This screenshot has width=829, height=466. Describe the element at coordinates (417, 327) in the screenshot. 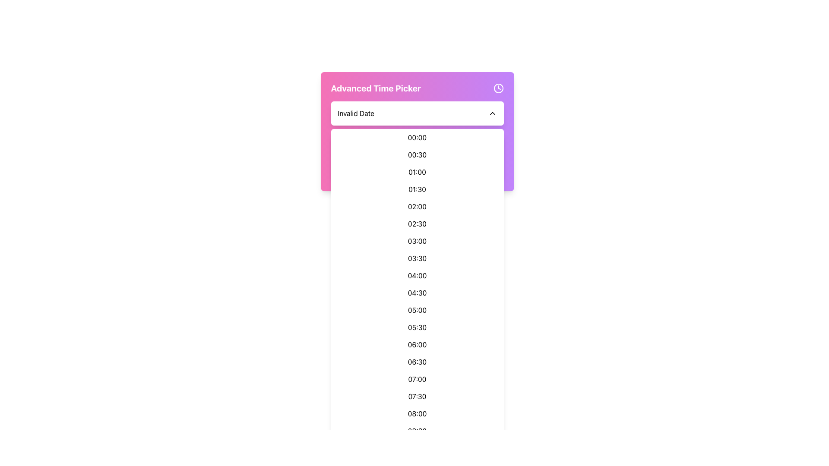

I see `the dropdown menu item displaying '05:30'` at that location.